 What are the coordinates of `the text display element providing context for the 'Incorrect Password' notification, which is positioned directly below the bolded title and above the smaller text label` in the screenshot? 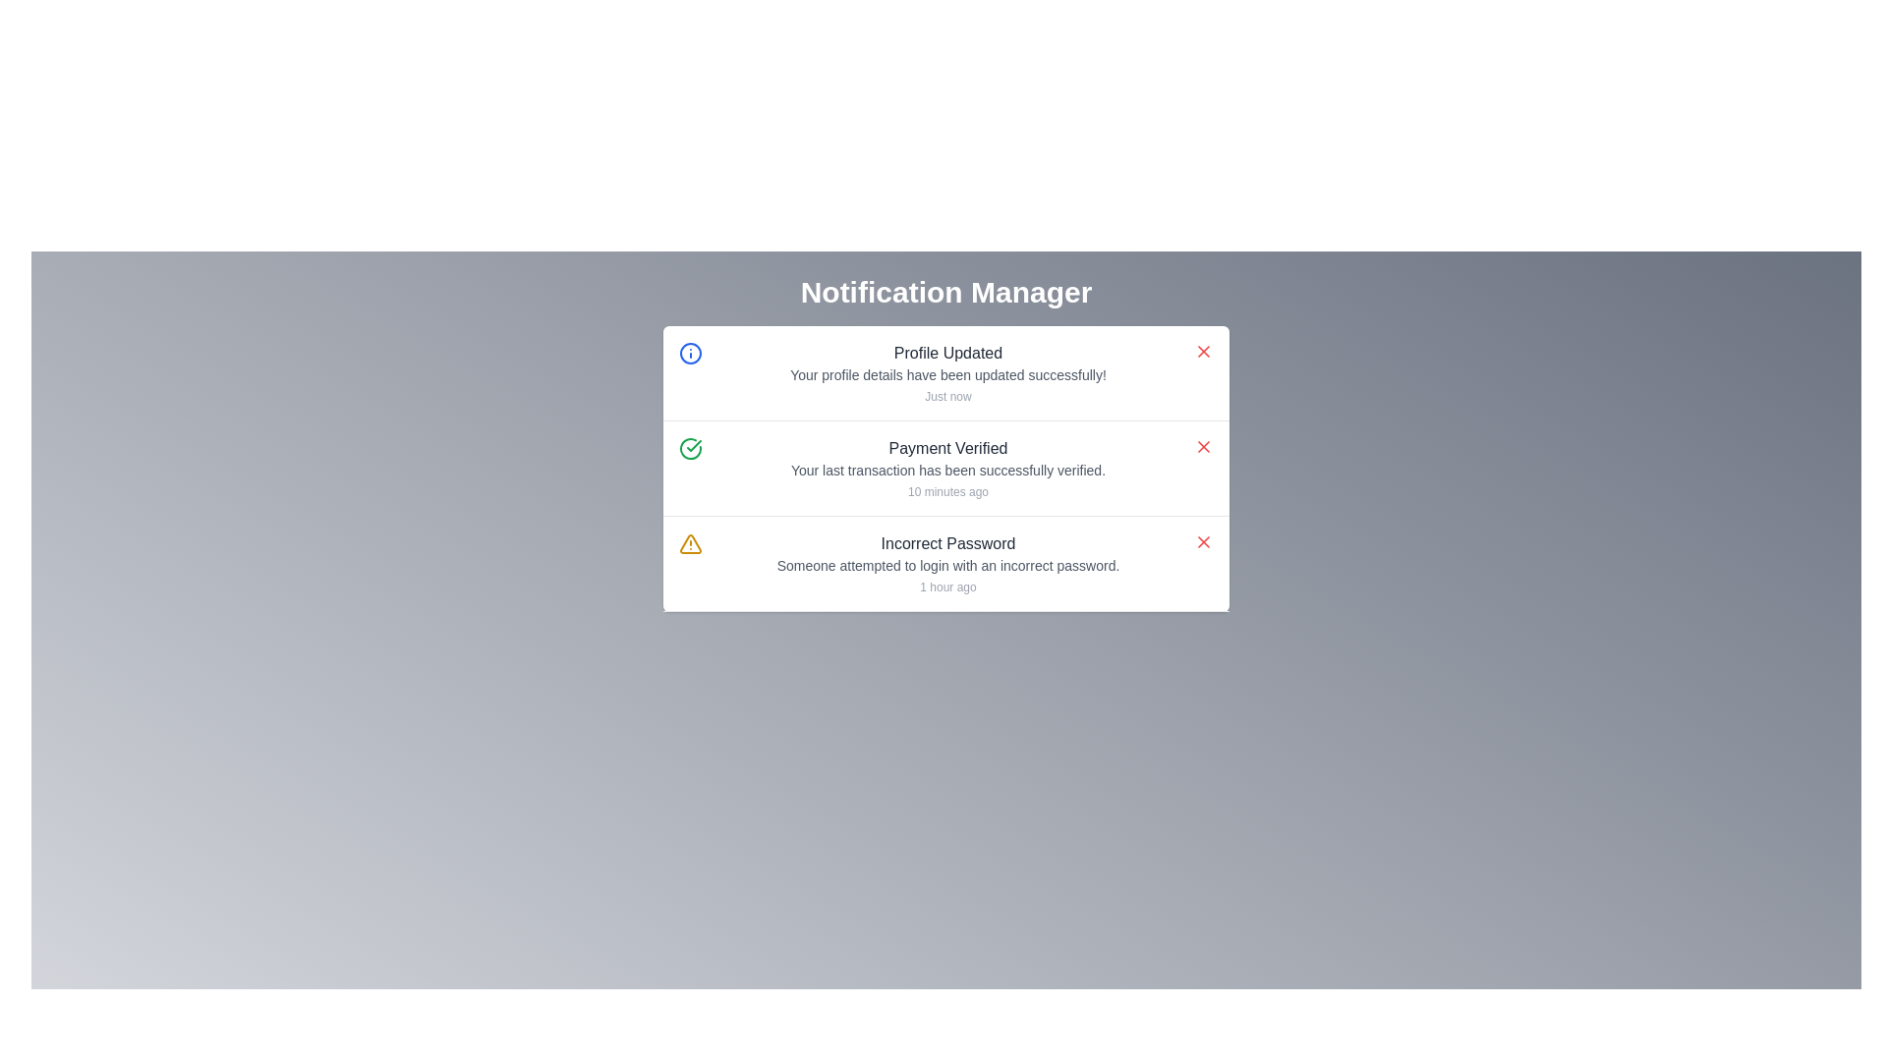 It's located at (947, 565).